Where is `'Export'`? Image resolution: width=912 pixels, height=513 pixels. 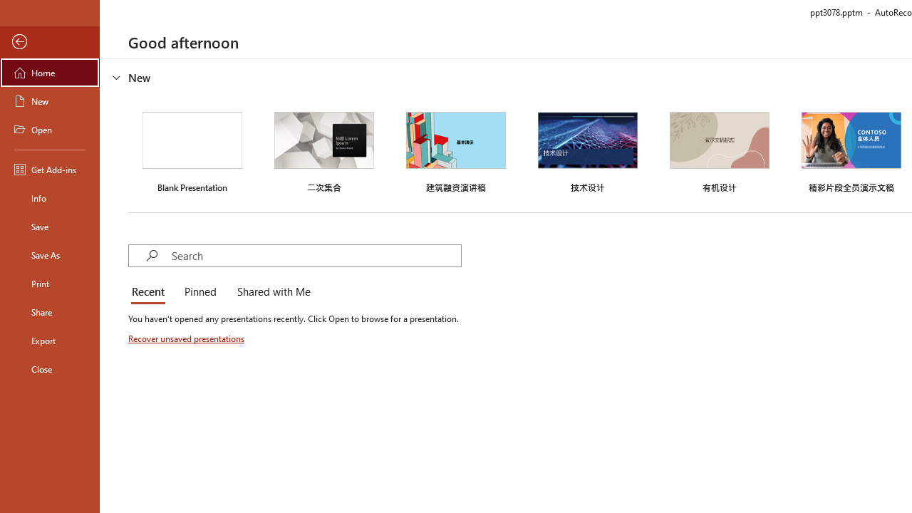
'Export' is located at coordinates (49, 341).